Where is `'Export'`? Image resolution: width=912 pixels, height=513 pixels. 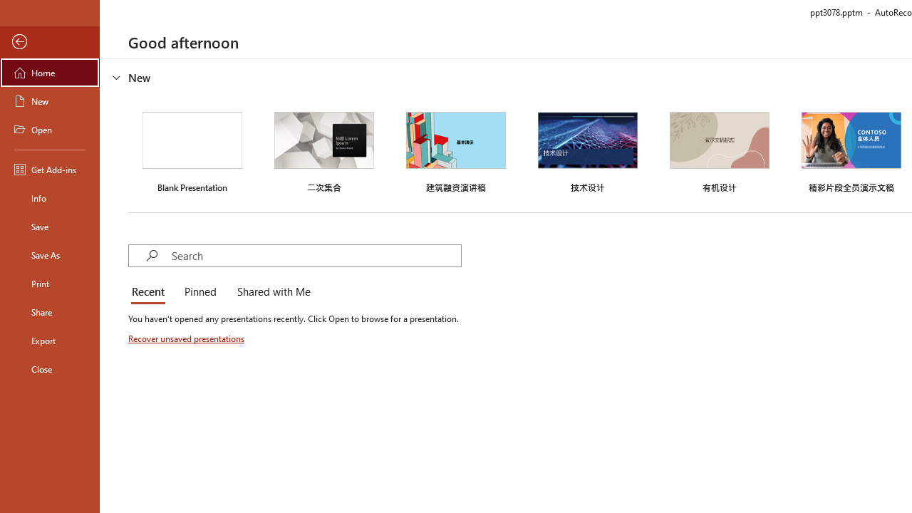
'Export' is located at coordinates (49, 341).